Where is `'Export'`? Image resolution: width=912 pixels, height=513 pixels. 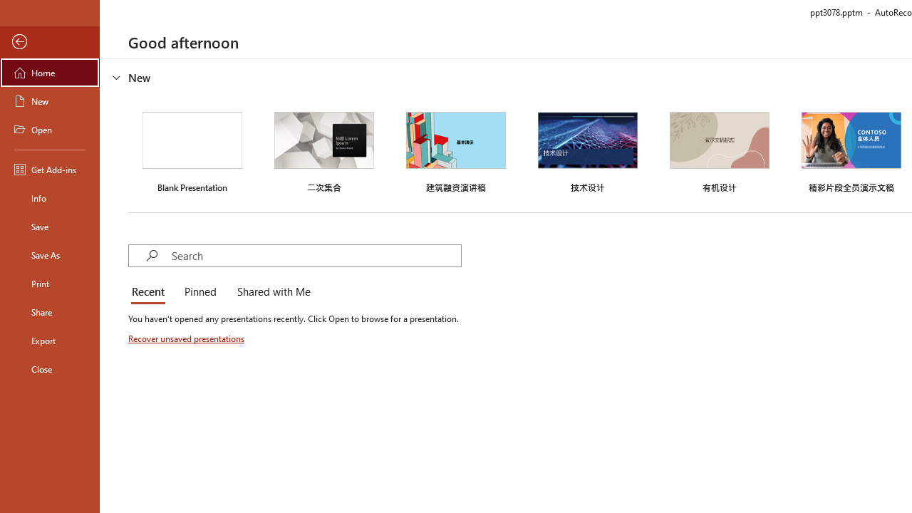
'Export' is located at coordinates (49, 341).